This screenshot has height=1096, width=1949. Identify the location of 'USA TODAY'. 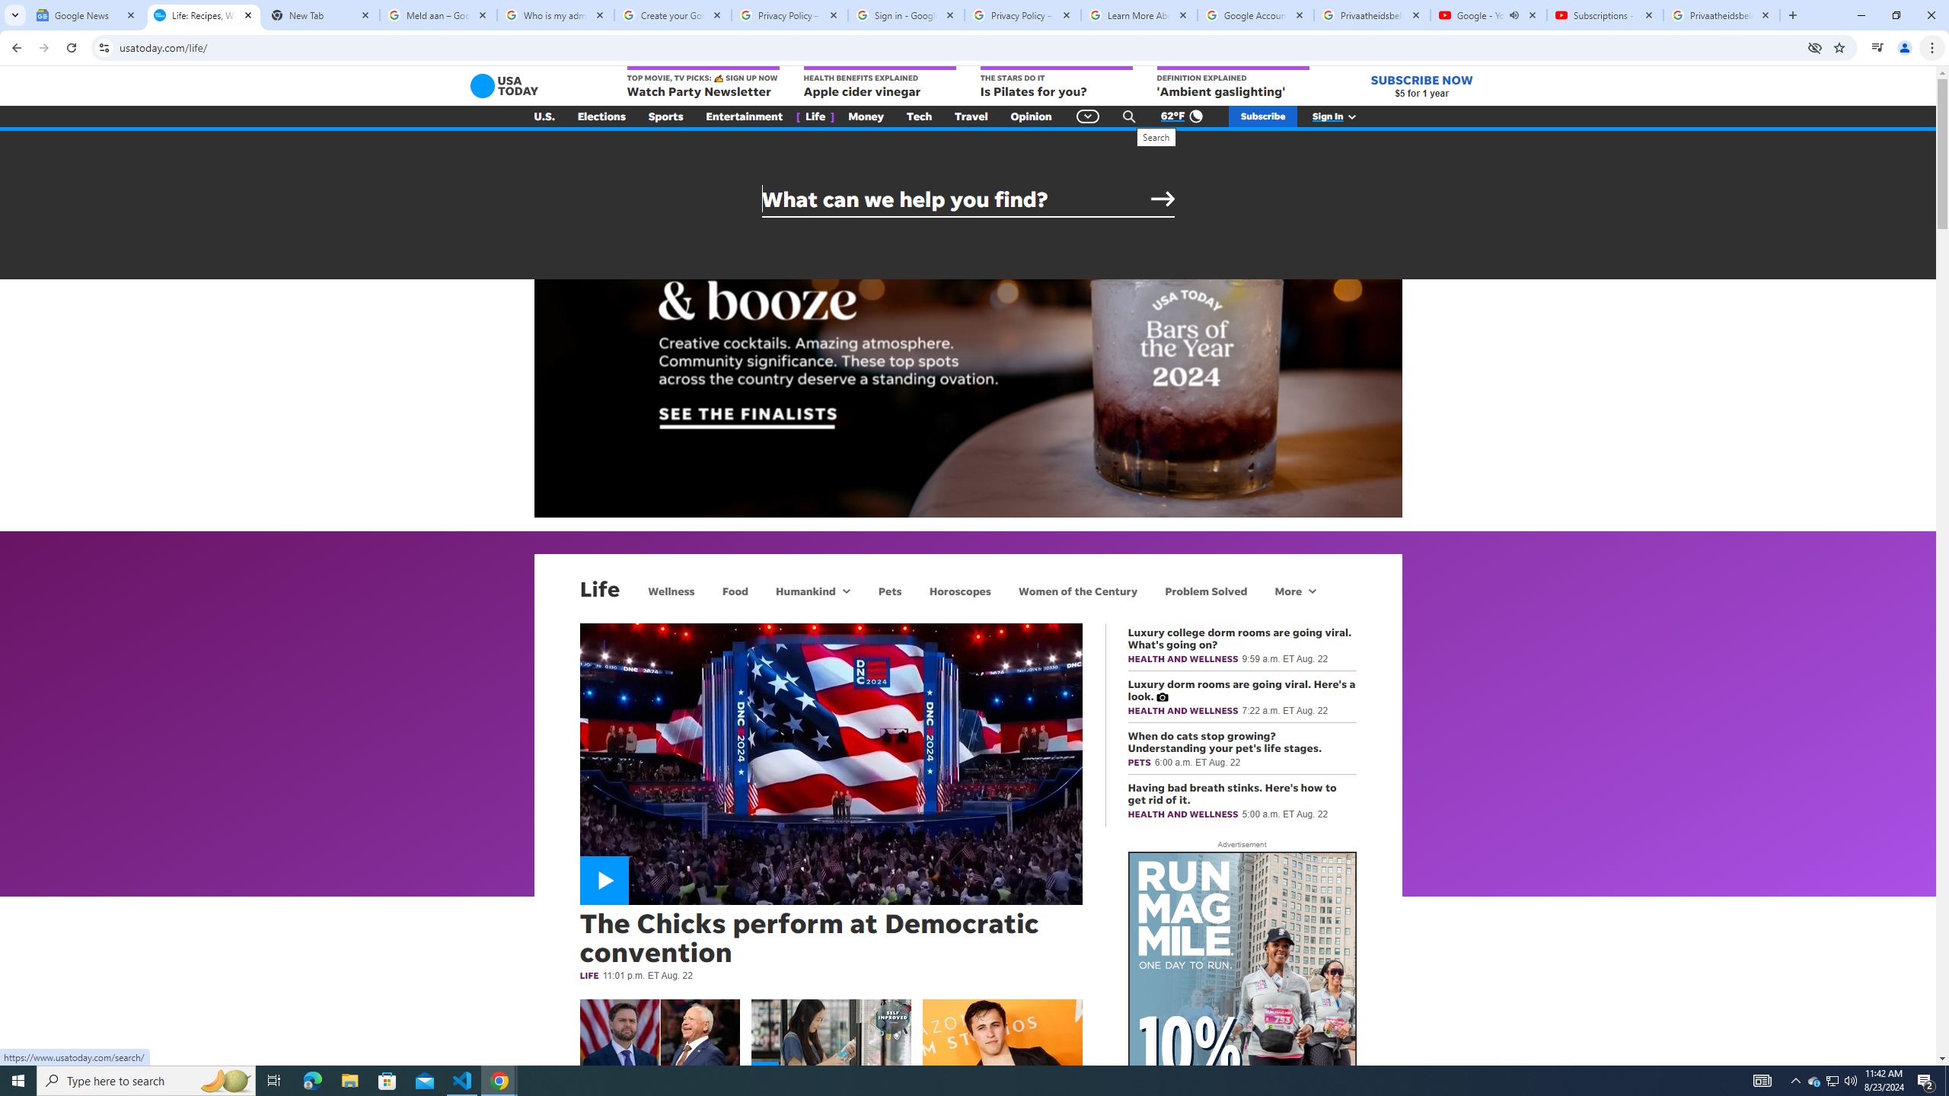
(505, 85).